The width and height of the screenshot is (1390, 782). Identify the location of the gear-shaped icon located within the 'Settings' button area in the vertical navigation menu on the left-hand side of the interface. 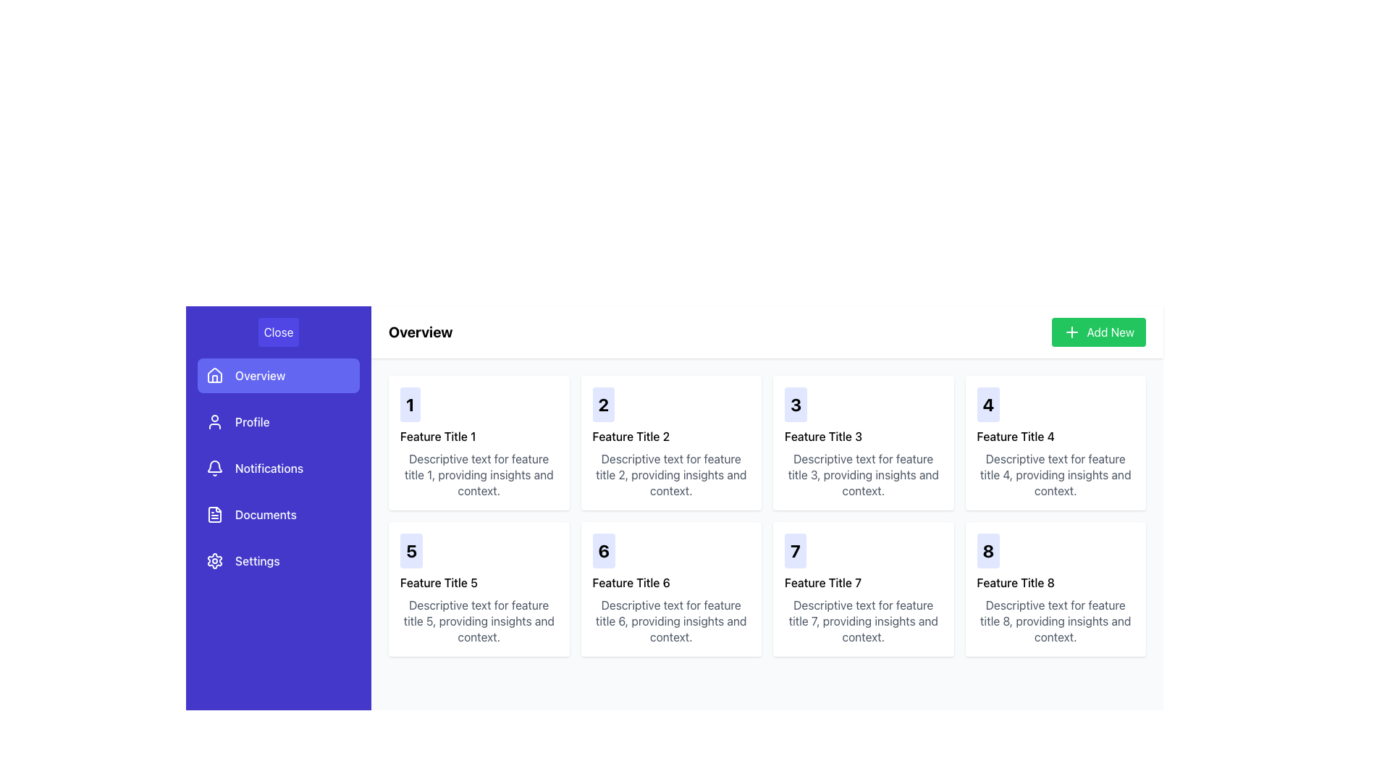
(214, 560).